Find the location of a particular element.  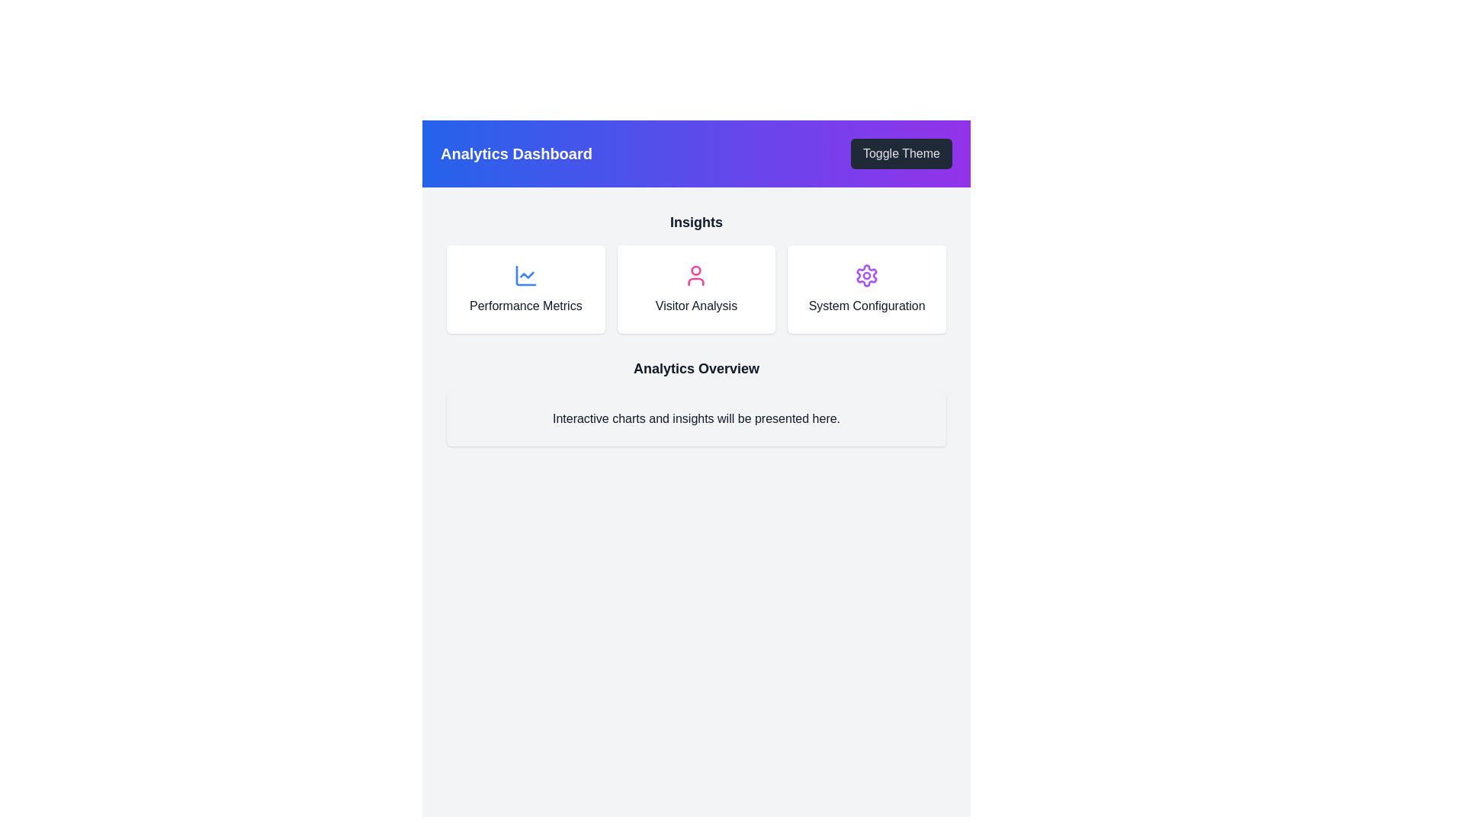

the decorative icon for the 'Performance Metrics' card, which is positioned at the top middle of the card and vertically aligned above the text label is located at coordinates (525, 276).